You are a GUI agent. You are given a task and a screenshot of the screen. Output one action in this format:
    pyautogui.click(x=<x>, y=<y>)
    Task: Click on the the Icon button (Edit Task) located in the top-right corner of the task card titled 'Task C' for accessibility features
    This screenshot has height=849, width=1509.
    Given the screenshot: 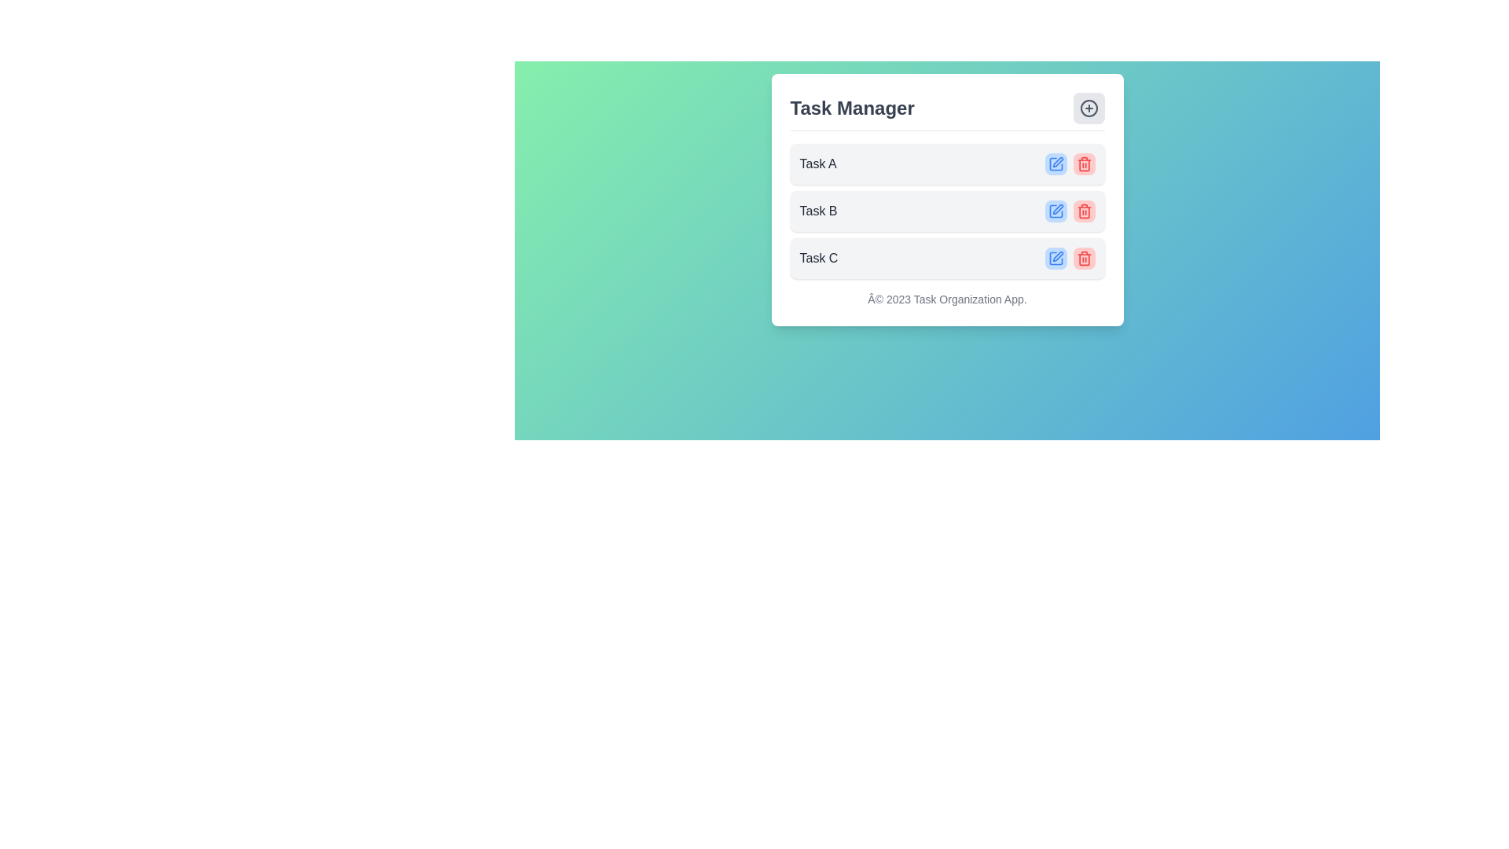 What is the action you would take?
    pyautogui.click(x=1057, y=255)
    